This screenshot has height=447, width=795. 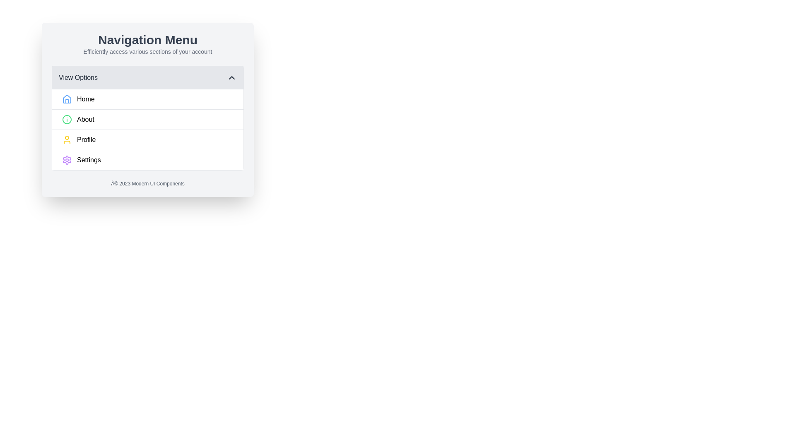 What do you see at coordinates (67, 120) in the screenshot?
I see `the SVG Circle that forms the outer boundary of the 'About' menu icon` at bounding box center [67, 120].